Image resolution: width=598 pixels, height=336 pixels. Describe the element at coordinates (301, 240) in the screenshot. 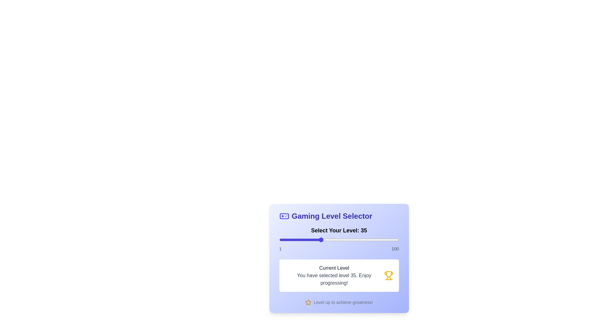

I see `the gaming level` at that location.